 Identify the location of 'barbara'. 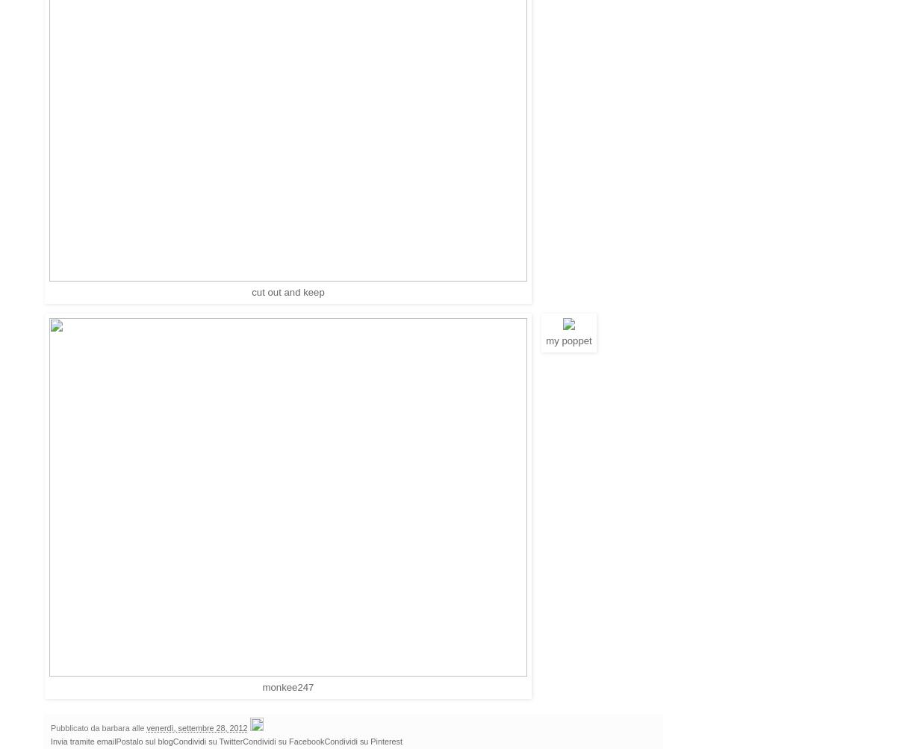
(115, 727).